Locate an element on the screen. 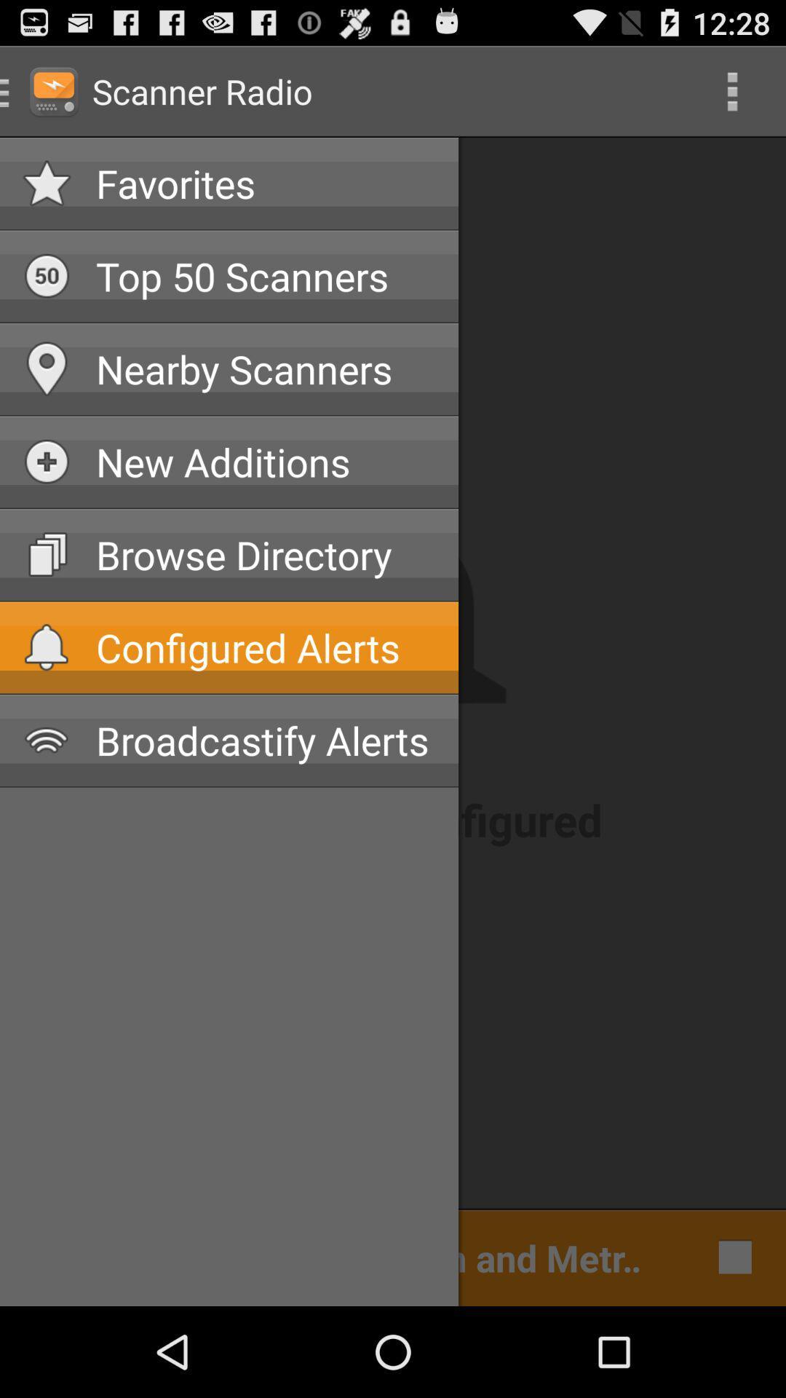  the white square box present next to metr is located at coordinates (731, 1257).